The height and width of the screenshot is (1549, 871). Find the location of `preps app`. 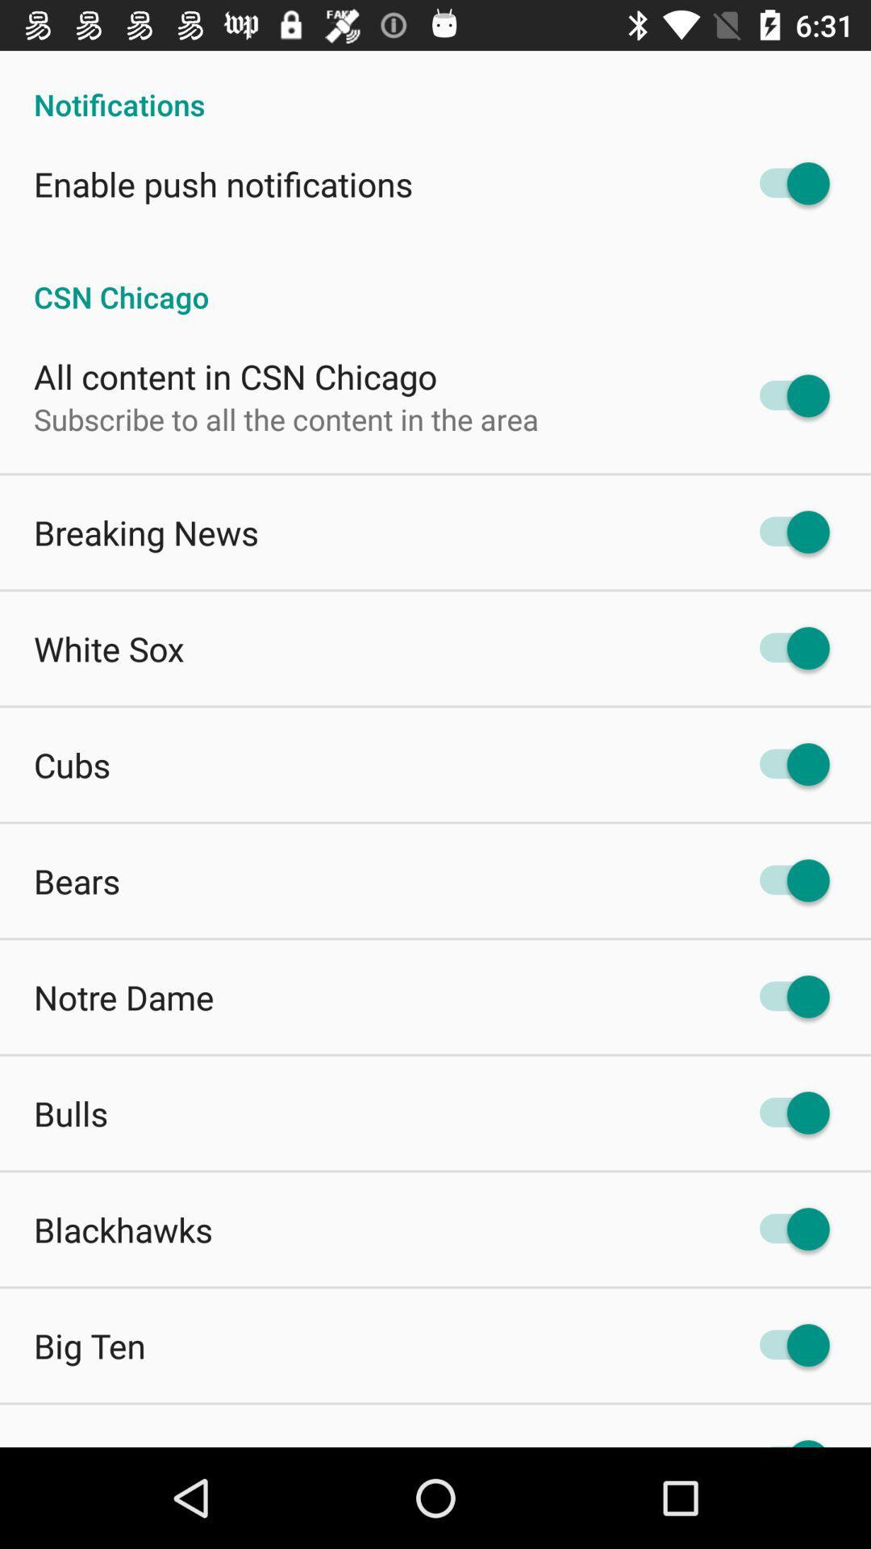

preps app is located at coordinates (77, 1443).